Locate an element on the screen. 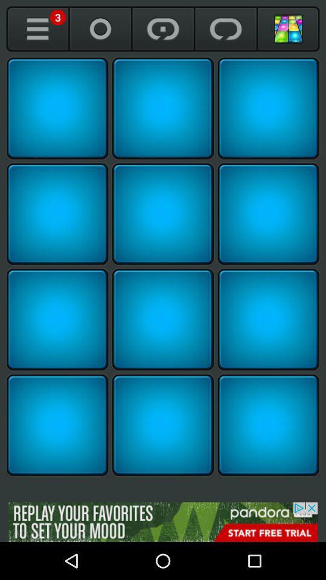  share the article is located at coordinates (57, 214).